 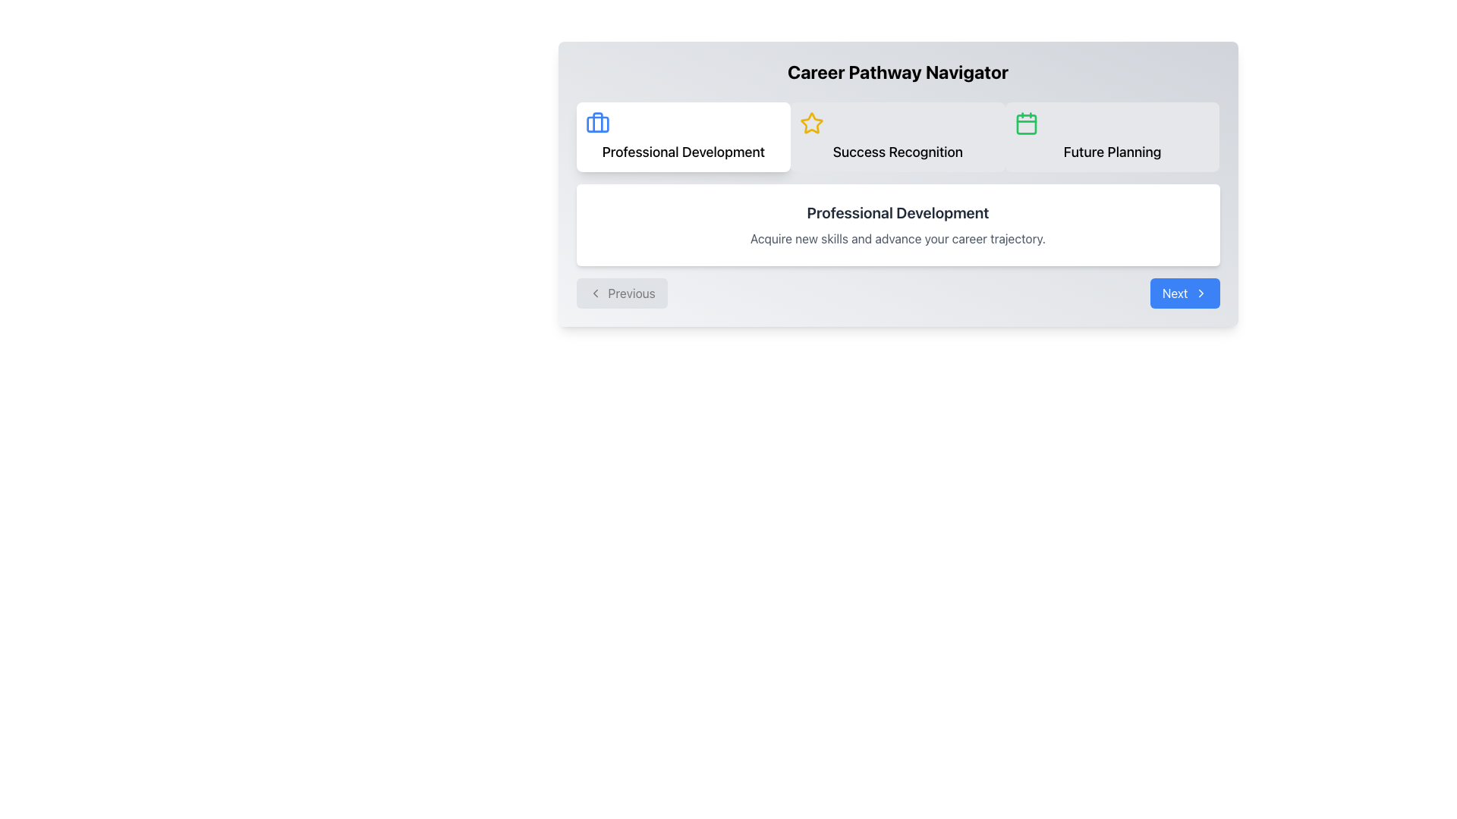 I want to click on the 'Next' text label located in the button at the bottom right corner of the interface, which includes an arrow icon to its right, so click(x=1174, y=293).